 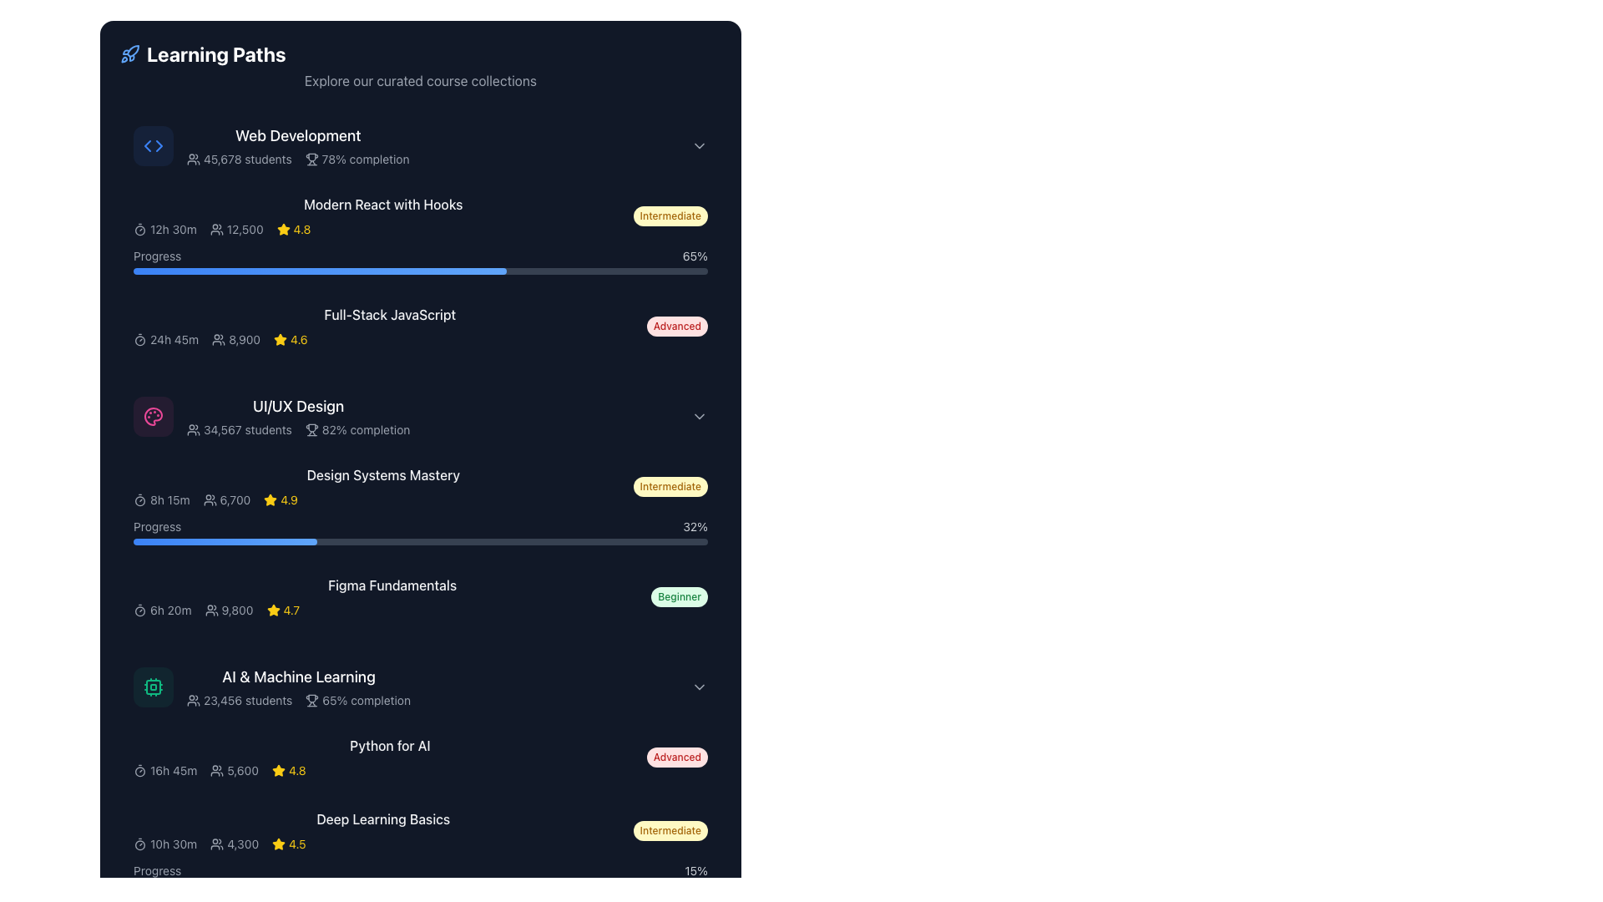 What do you see at coordinates (670, 215) in the screenshot?
I see `the badge label displaying the text 'Intermediate', which is styled with a yellow background, located to the right of the course title 'Modern React with Hooks'` at bounding box center [670, 215].